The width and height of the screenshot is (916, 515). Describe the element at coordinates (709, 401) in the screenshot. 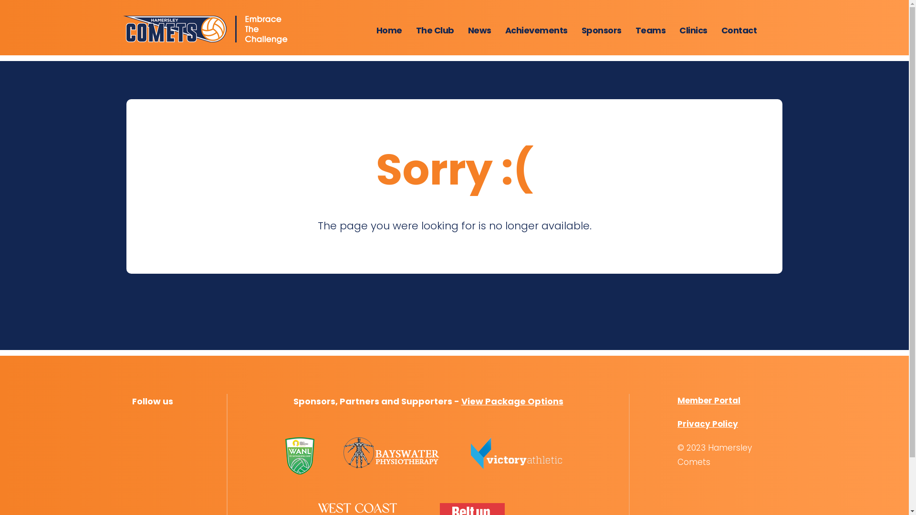

I see `'Member Portal'` at that location.